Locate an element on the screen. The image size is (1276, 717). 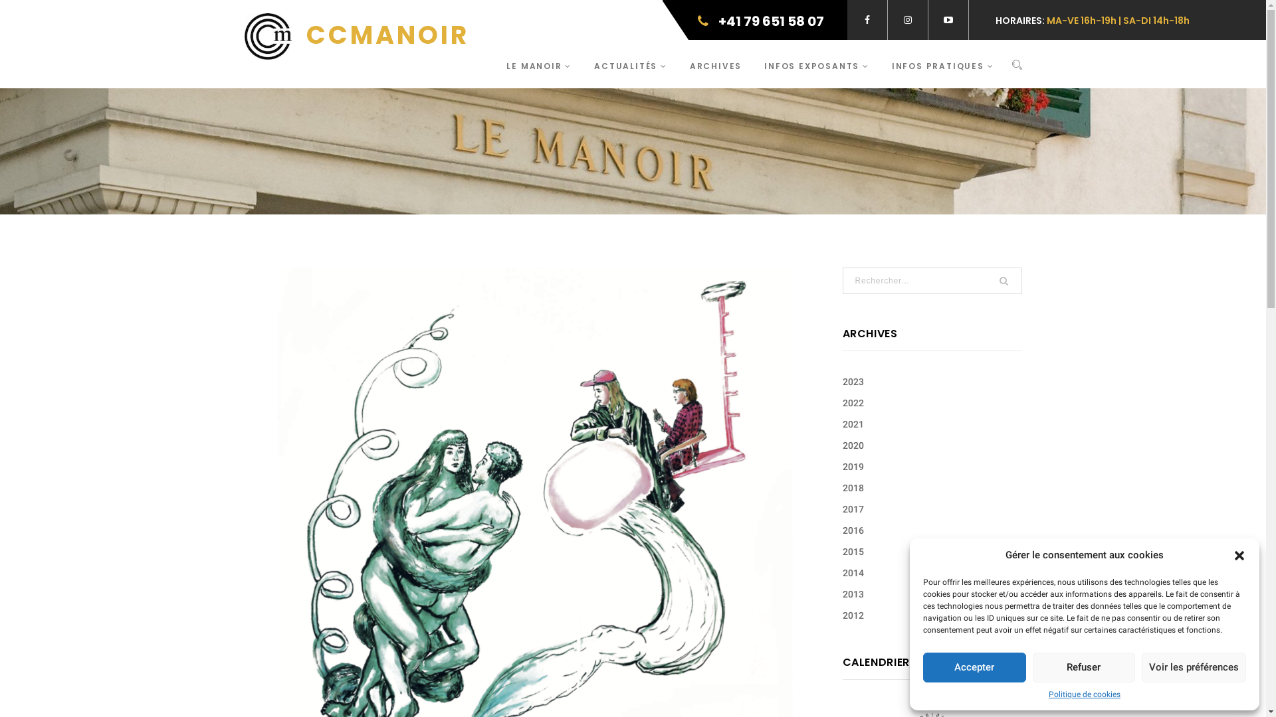
'2012' is located at coordinates (853, 615).